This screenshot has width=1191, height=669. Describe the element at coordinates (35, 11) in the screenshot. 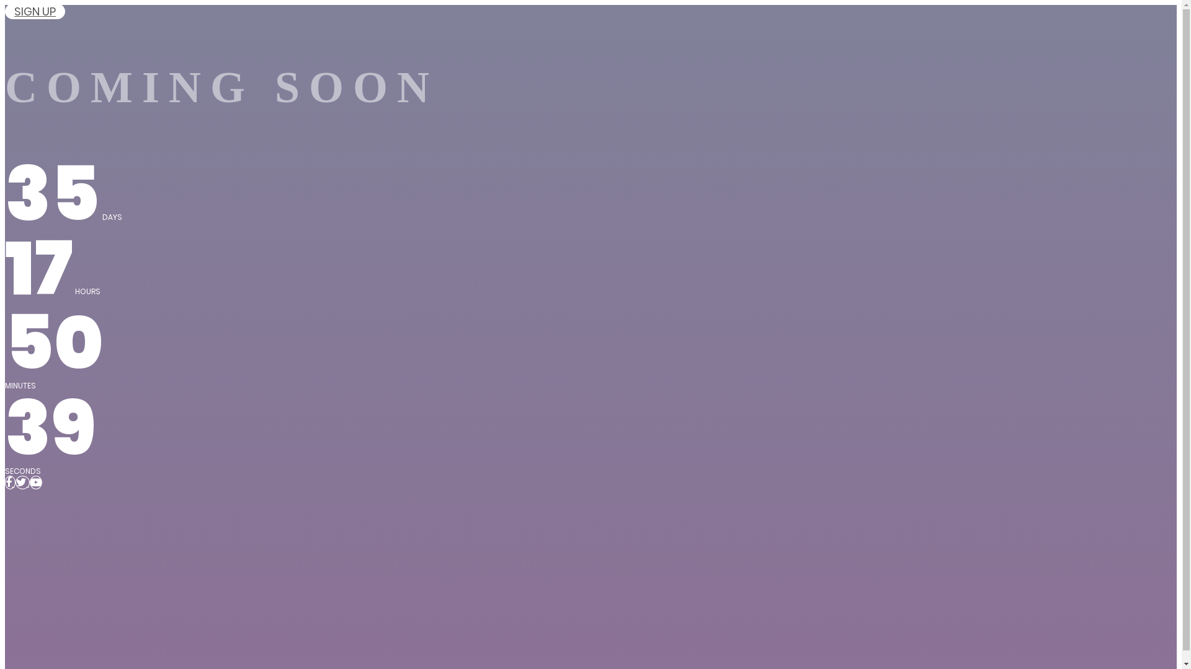

I see `'SIGN UP'` at that location.